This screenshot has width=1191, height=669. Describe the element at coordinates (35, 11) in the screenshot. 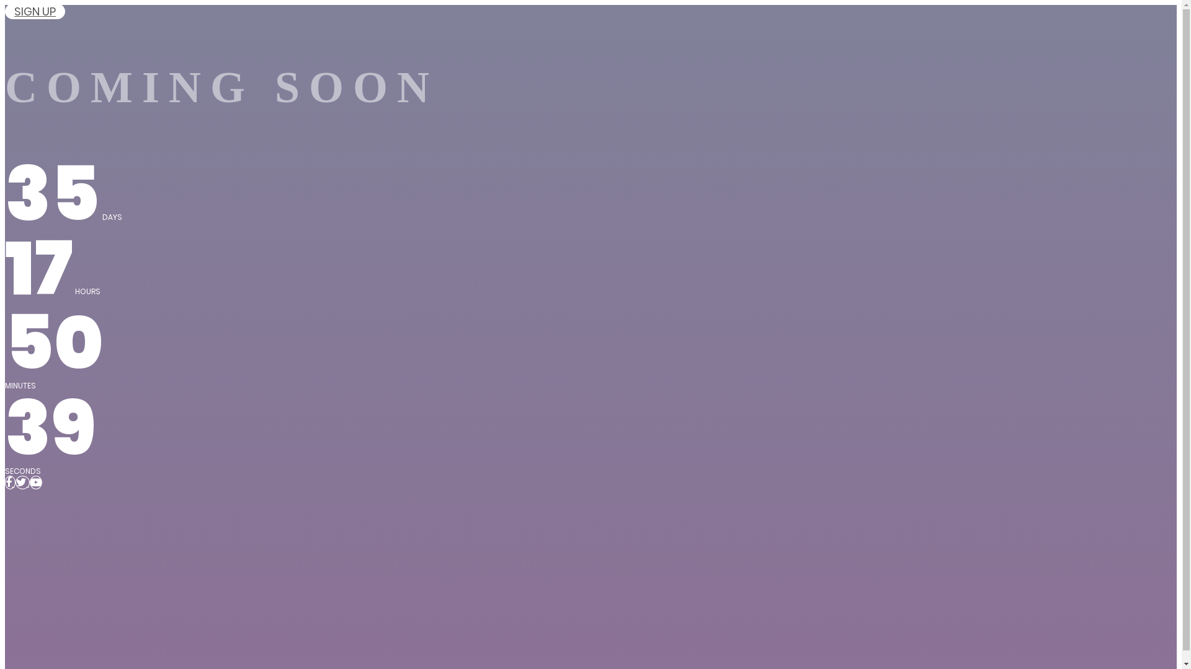

I see `'SIGN UP'` at that location.